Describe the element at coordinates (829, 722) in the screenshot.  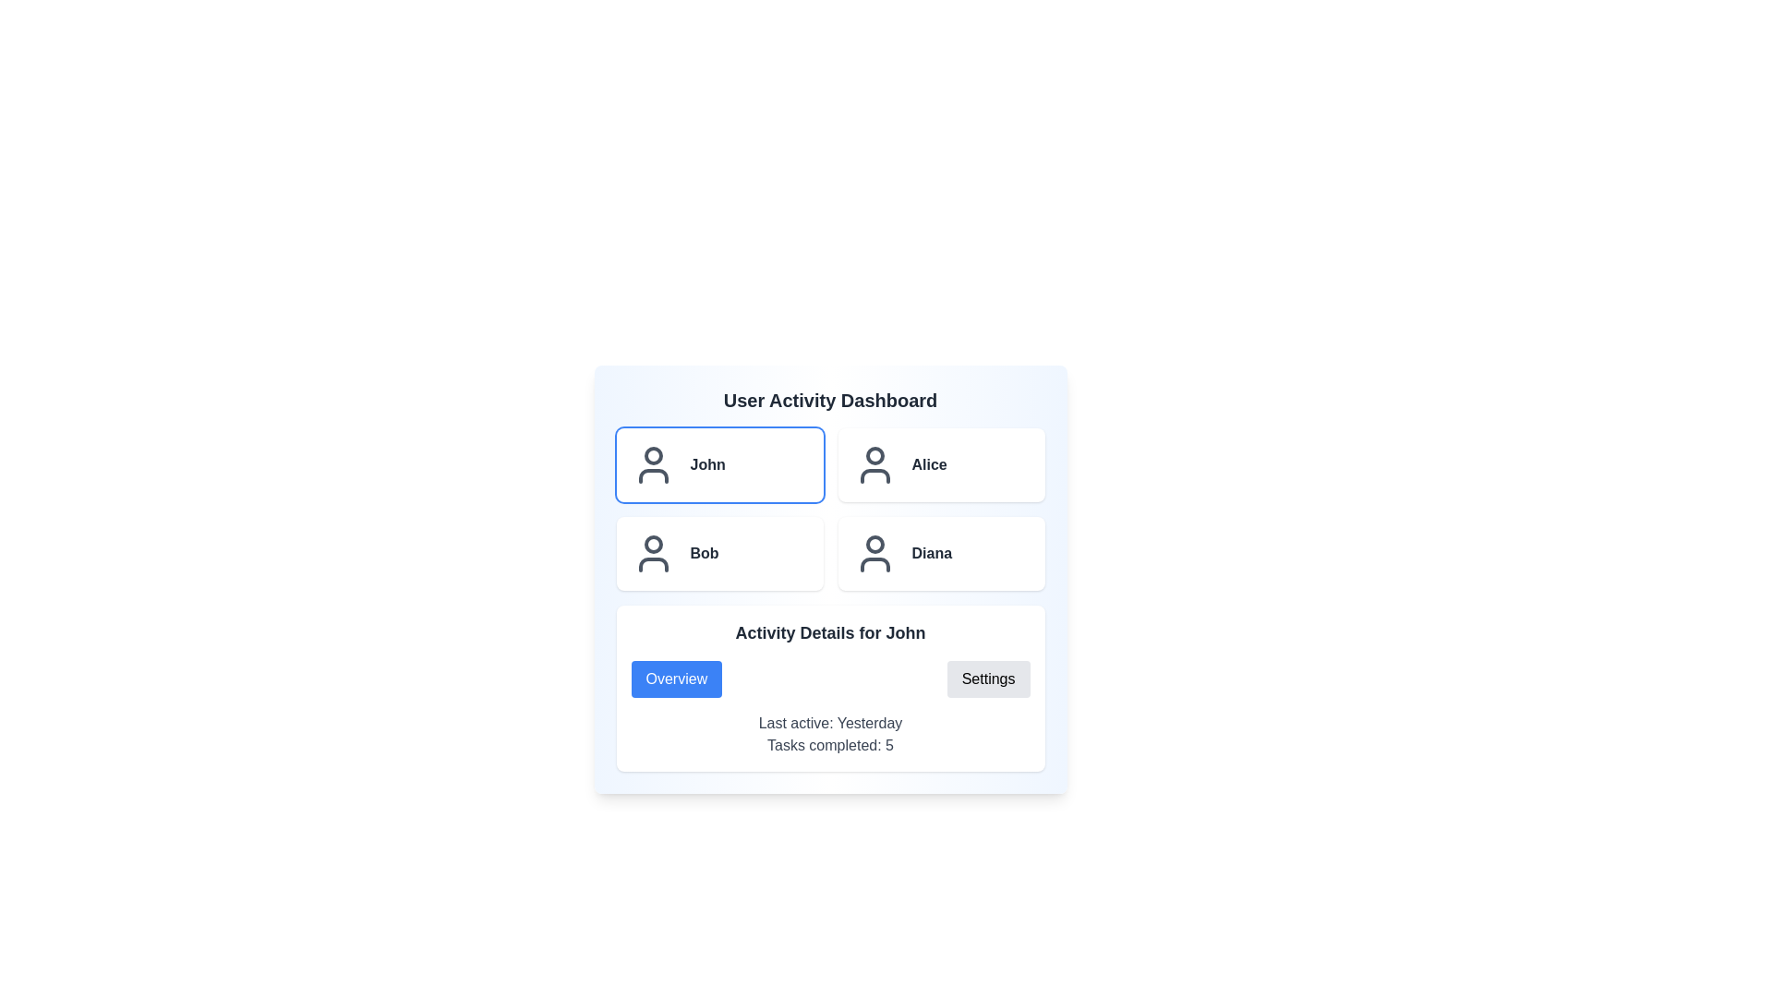
I see `the Label that displays the date or time the user was last active, located in the 'Activity Details for John' section, just below the 'Overview' button` at that location.